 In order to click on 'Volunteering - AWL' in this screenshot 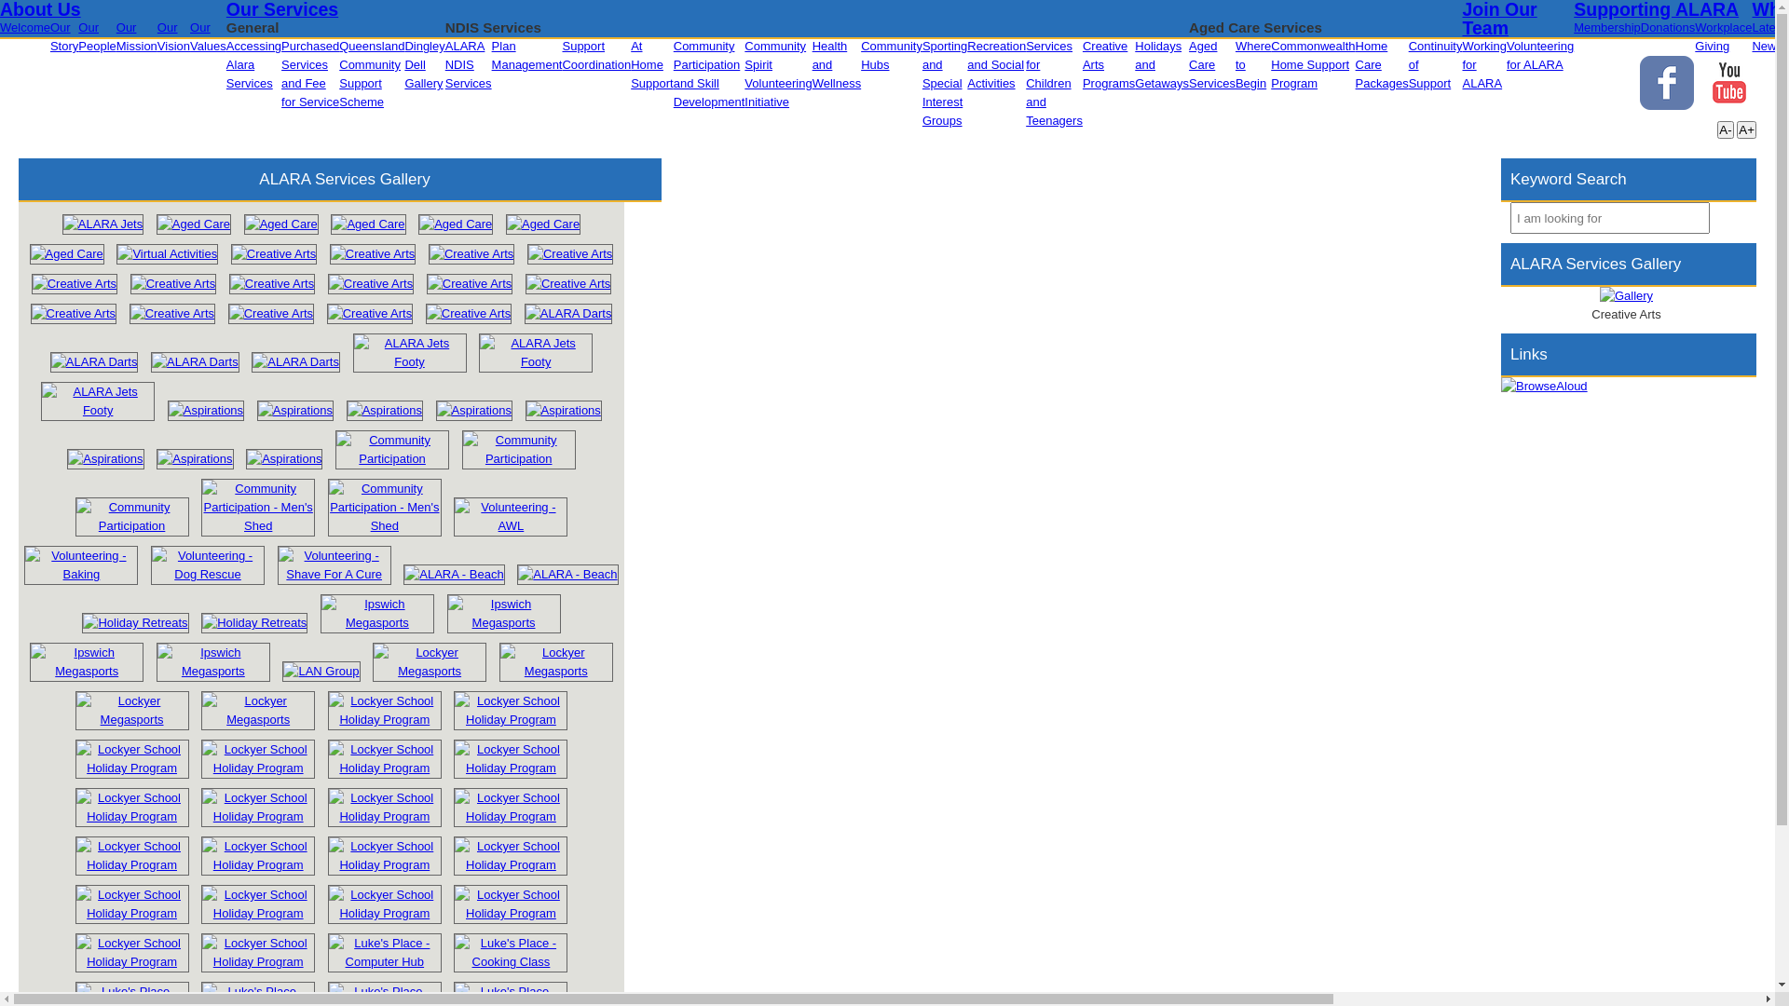, I will do `click(510, 525)`.